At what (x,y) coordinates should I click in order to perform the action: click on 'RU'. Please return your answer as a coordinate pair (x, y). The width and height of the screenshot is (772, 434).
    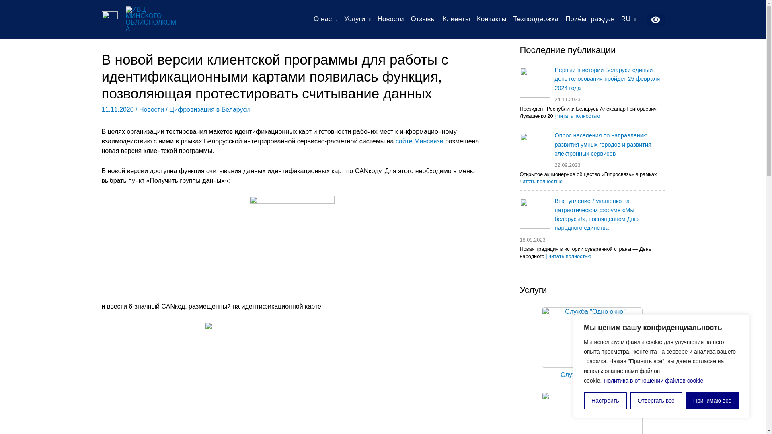
    Looking at the image, I should click on (628, 18).